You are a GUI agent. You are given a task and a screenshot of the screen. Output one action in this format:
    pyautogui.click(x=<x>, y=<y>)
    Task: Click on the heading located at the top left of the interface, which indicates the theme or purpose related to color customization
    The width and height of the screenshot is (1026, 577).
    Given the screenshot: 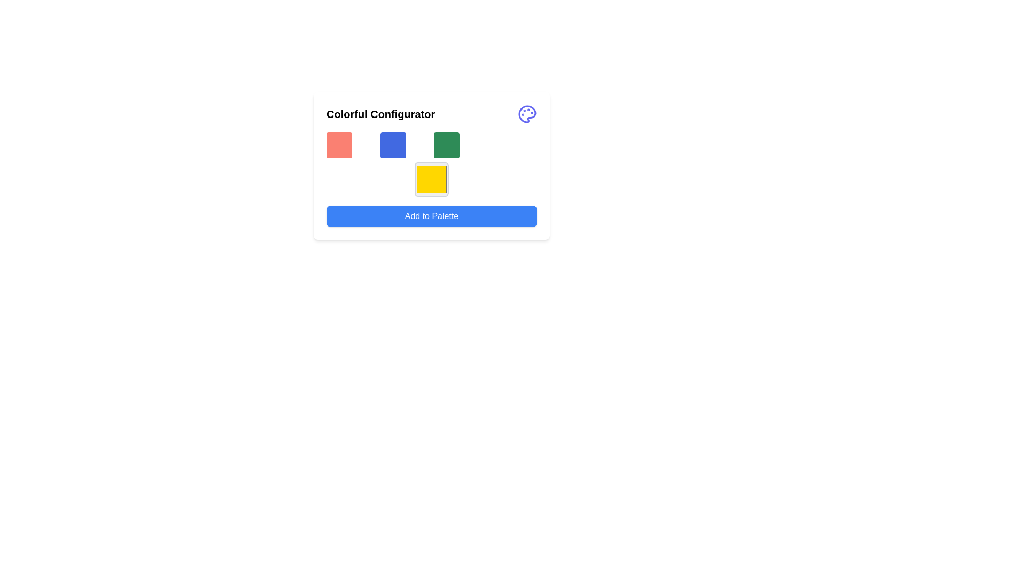 What is the action you would take?
    pyautogui.click(x=380, y=114)
    